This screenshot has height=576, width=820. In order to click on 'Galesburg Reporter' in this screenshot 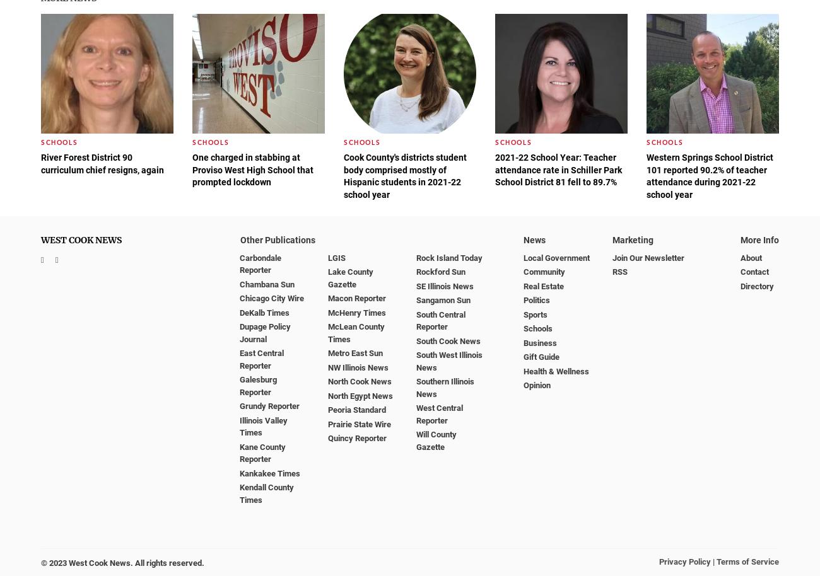, I will do `click(258, 385)`.